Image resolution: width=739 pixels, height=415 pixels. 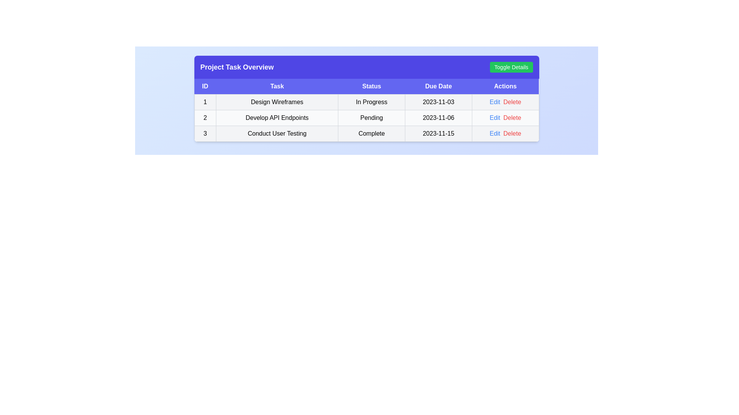 What do you see at coordinates (366, 102) in the screenshot?
I see `the row corresponding to task ID 1 to highlight it` at bounding box center [366, 102].